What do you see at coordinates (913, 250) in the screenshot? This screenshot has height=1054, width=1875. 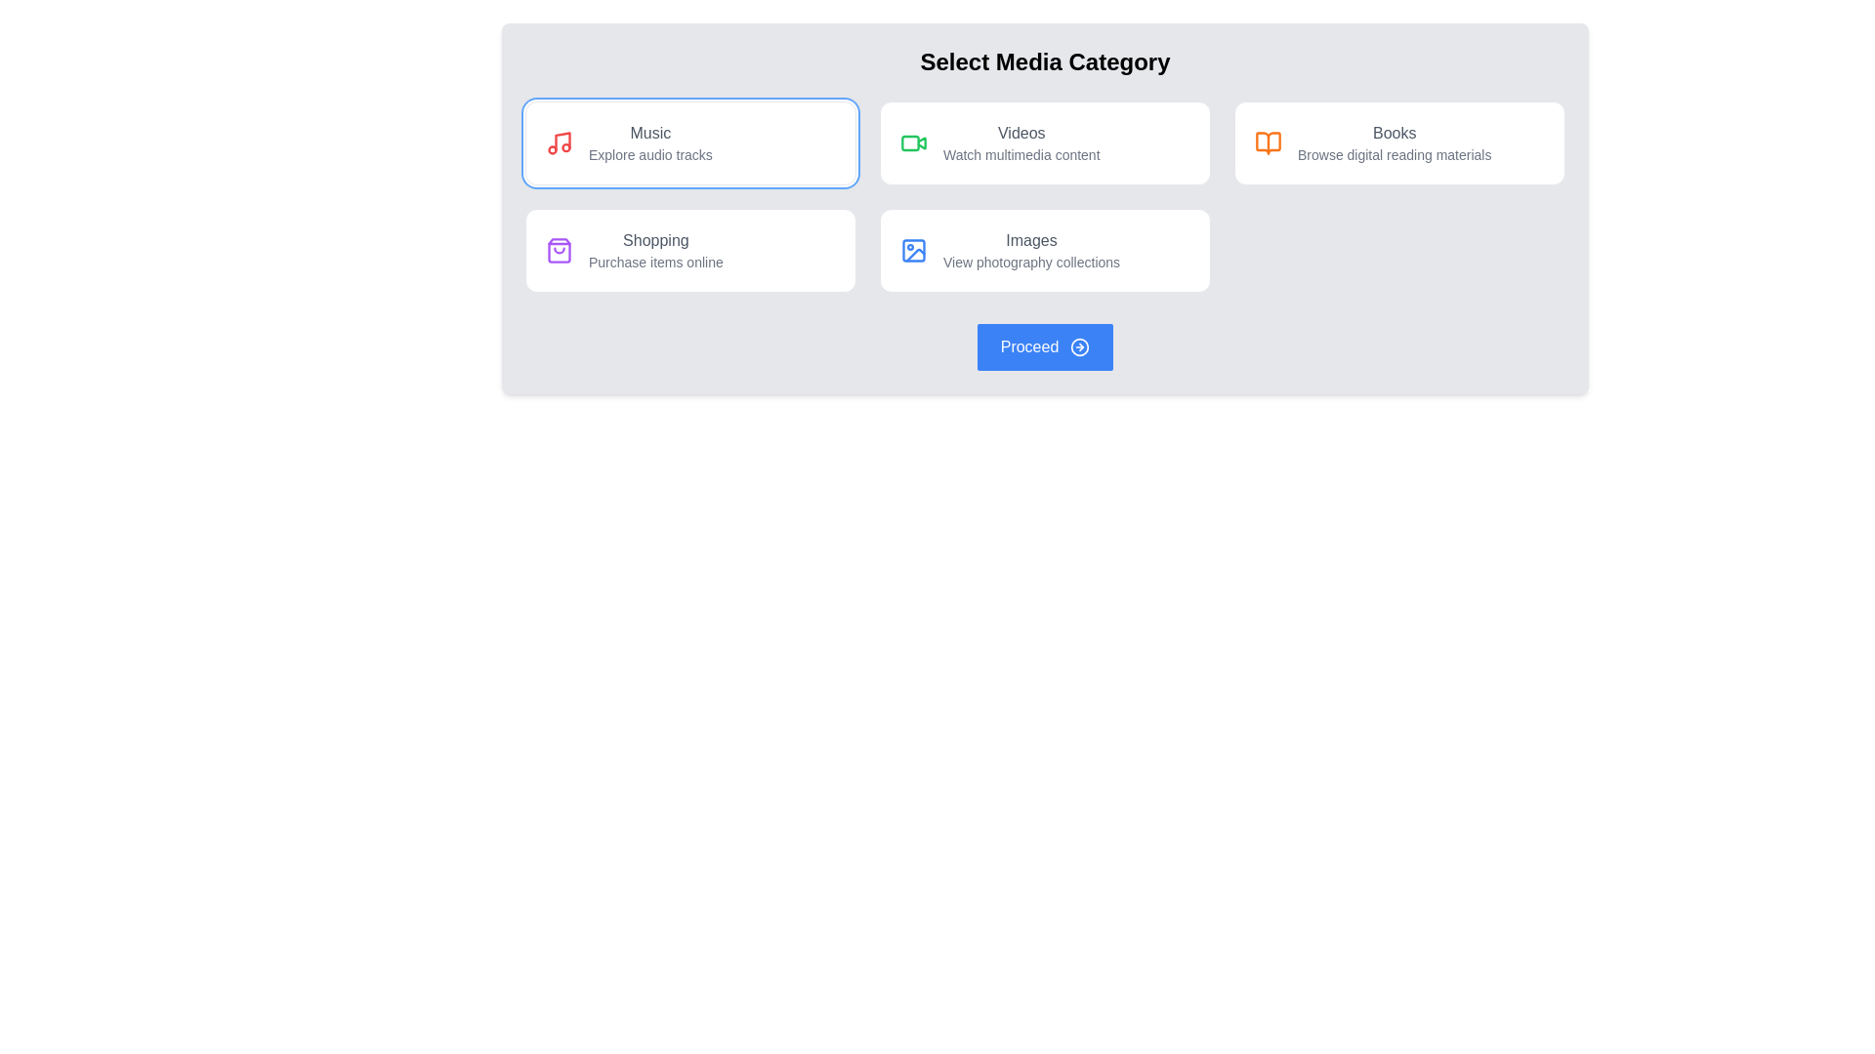 I see `the leftmost icon representing the 'Images' category in the bottom row of the media category selection grid` at bounding box center [913, 250].